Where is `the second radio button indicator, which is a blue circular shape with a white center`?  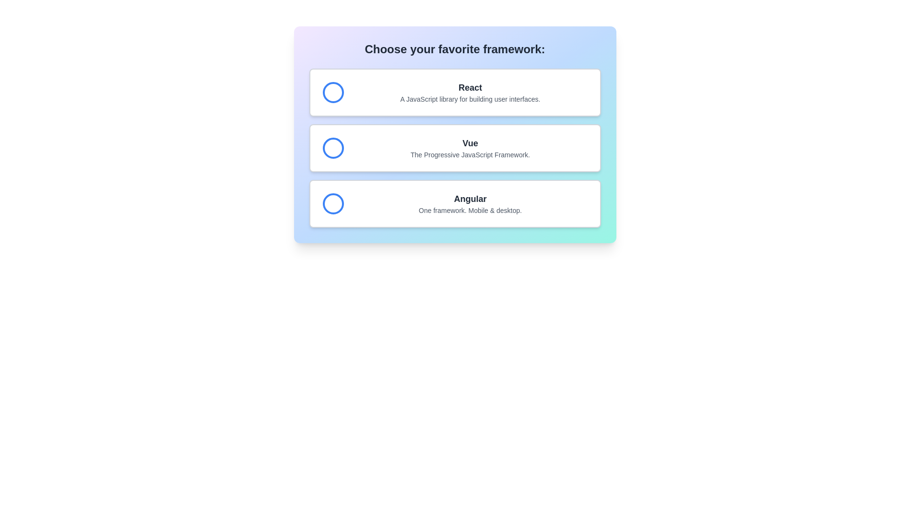 the second radio button indicator, which is a blue circular shape with a white center is located at coordinates (333, 148).